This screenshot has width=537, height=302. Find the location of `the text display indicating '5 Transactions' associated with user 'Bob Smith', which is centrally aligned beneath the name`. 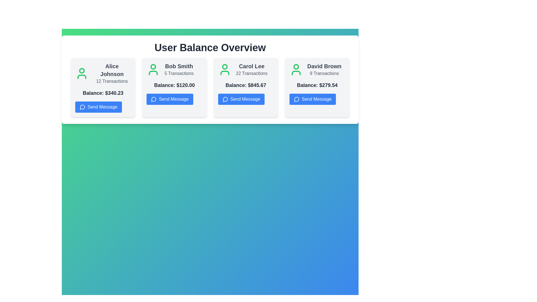

the text display indicating '5 Transactions' associated with user 'Bob Smith', which is centrally aligned beneath the name is located at coordinates (179, 73).